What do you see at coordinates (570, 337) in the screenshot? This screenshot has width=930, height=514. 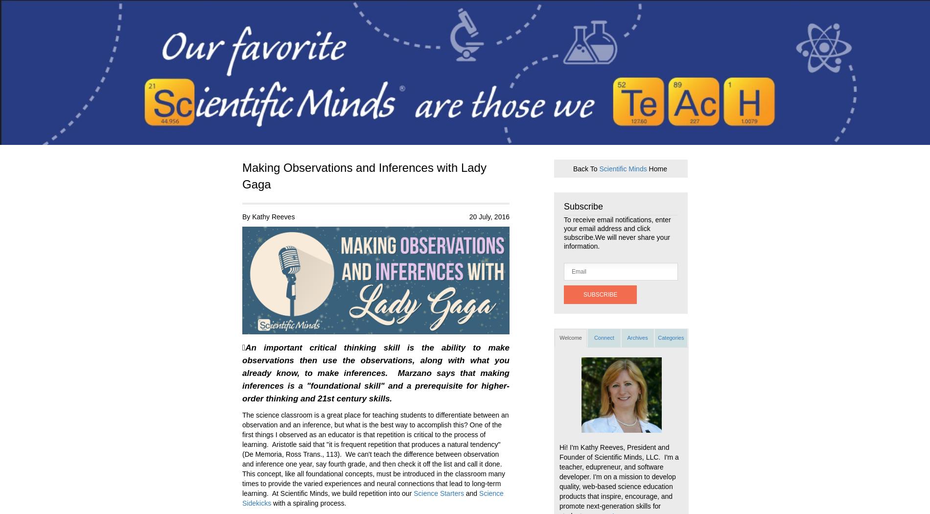 I see `'Welcome'` at bounding box center [570, 337].